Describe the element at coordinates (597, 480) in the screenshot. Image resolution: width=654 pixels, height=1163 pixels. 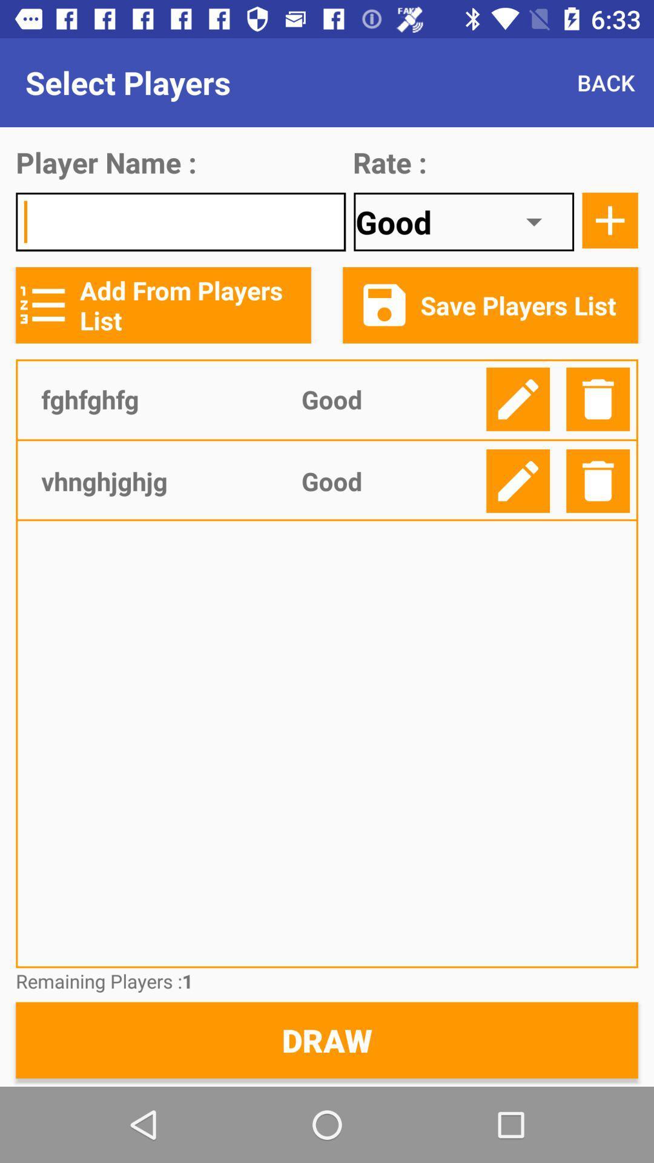
I see `delete` at that location.